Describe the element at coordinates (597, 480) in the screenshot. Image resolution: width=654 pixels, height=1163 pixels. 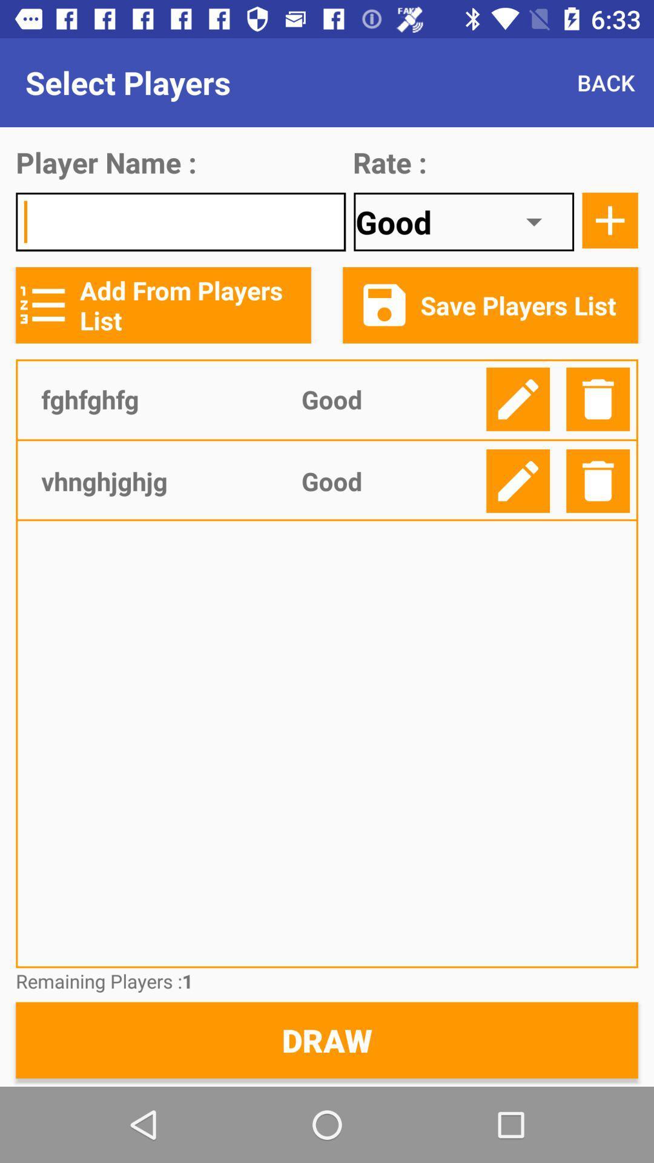
I see `delete` at that location.